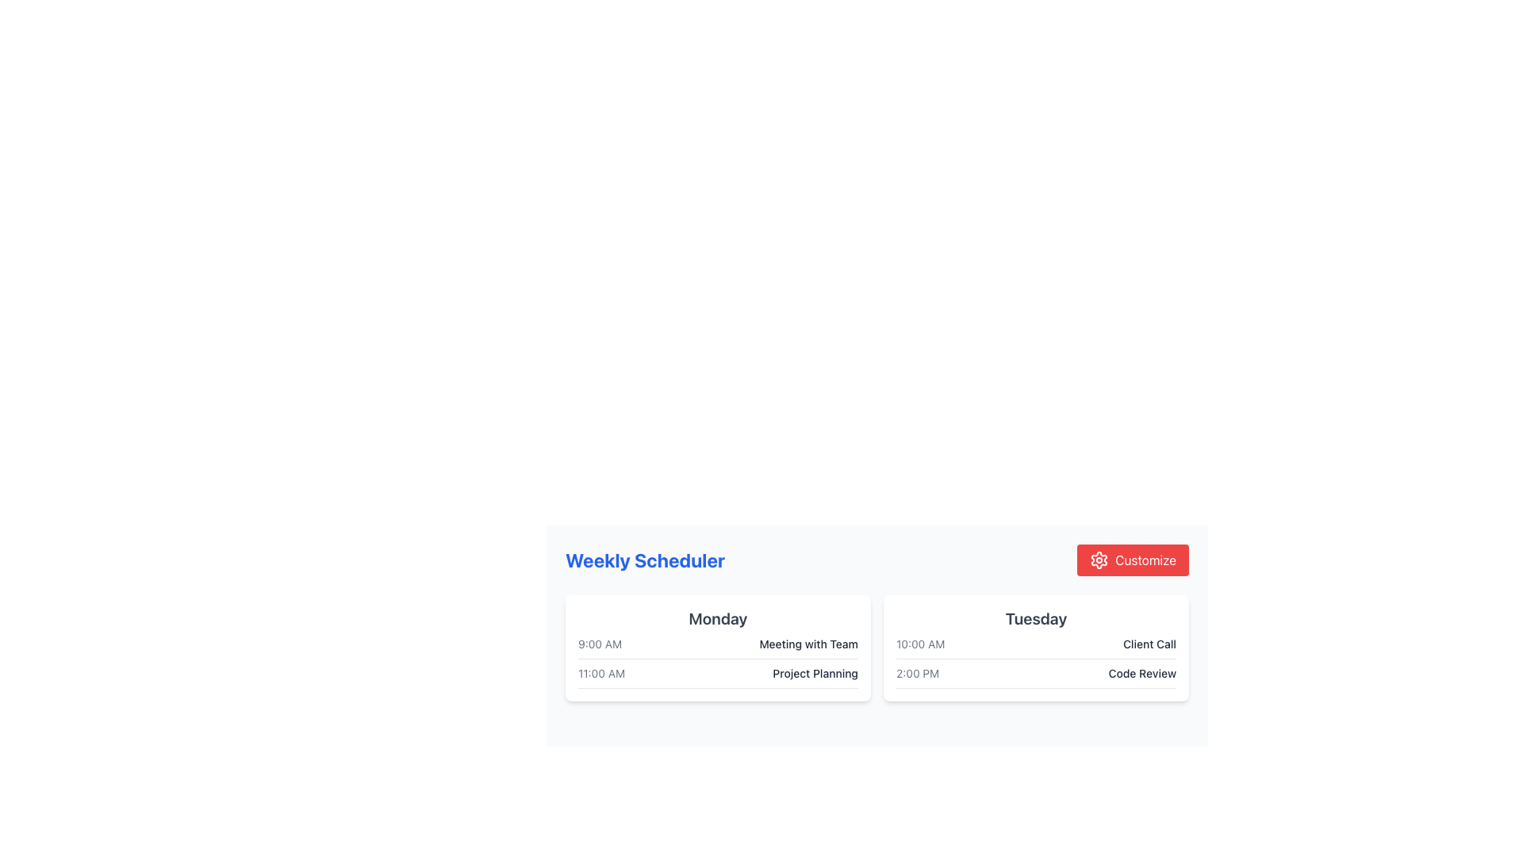 The width and height of the screenshot is (1523, 856). What do you see at coordinates (1036, 648) in the screenshot?
I see `the Tuesday schedule card, which is the second entry in a two-column layout displaying weekly schedules, located on the right side next to the Monday schedule card` at bounding box center [1036, 648].